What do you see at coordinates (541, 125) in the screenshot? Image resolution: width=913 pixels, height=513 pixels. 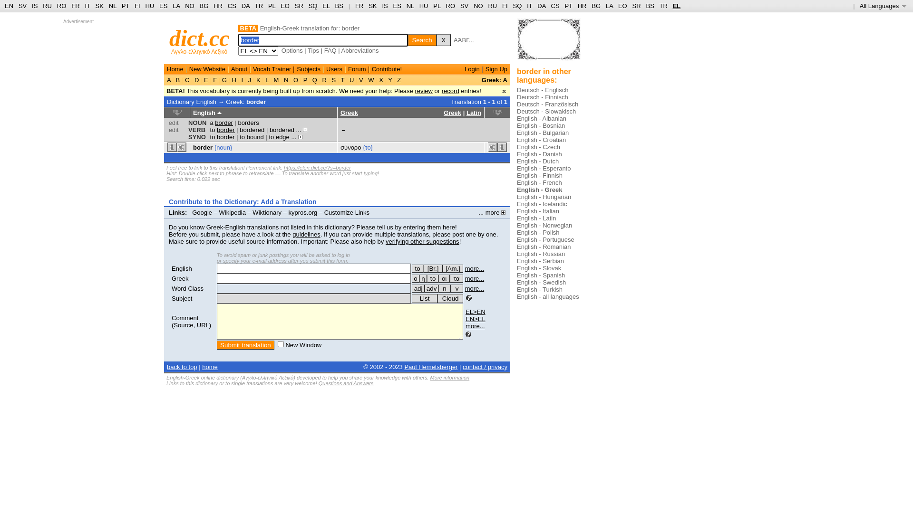 I see `'English - Bosnian'` at bounding box center [541, 125].